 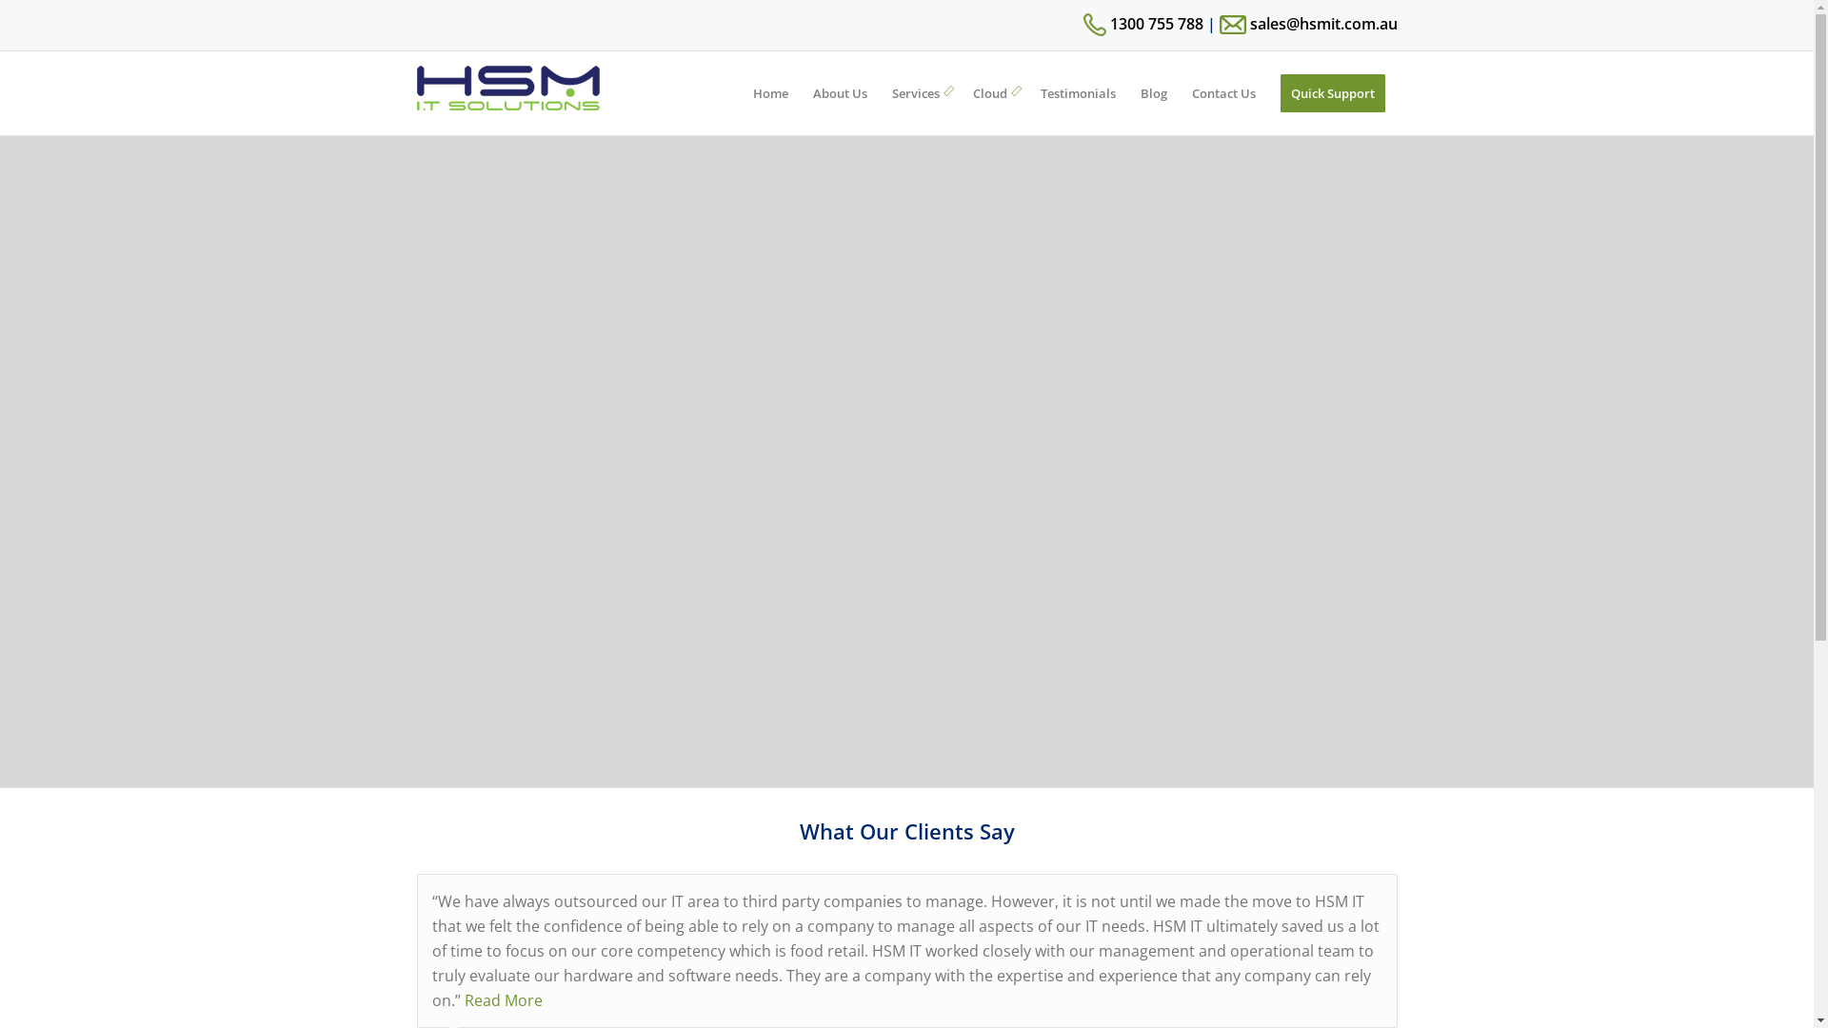 I want to click on '1300 755 788', so click(x=1142, y=23).